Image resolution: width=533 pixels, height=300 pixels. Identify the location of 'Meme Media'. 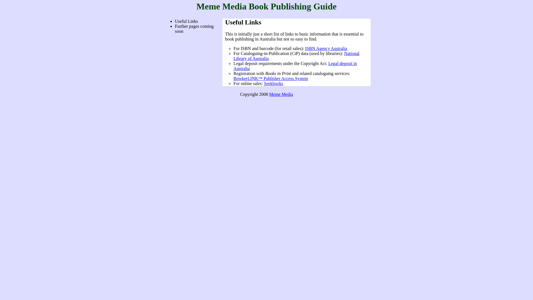
(281, 94).